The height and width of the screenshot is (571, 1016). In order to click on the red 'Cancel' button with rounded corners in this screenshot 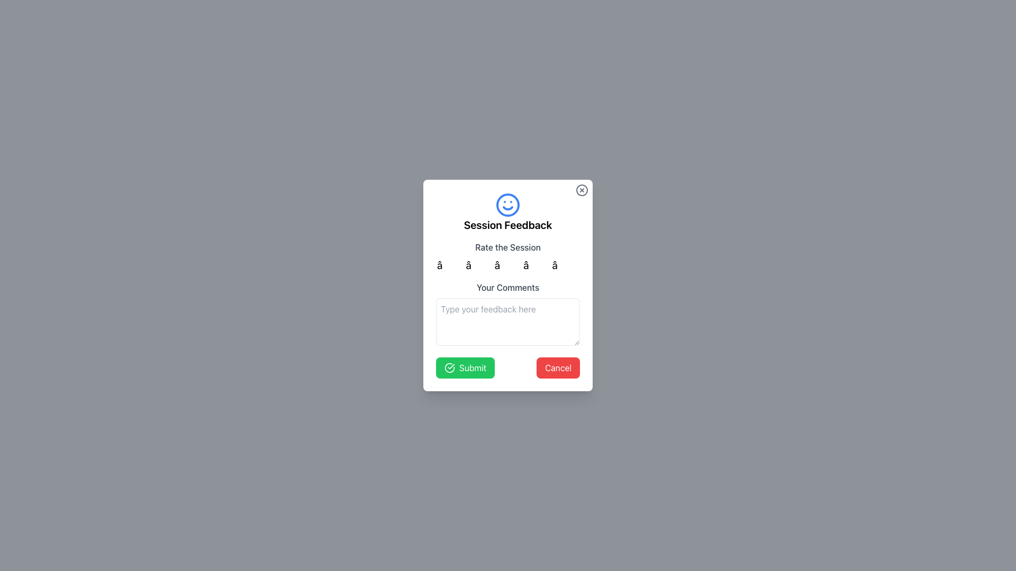, I will do `click(558, 367)`.